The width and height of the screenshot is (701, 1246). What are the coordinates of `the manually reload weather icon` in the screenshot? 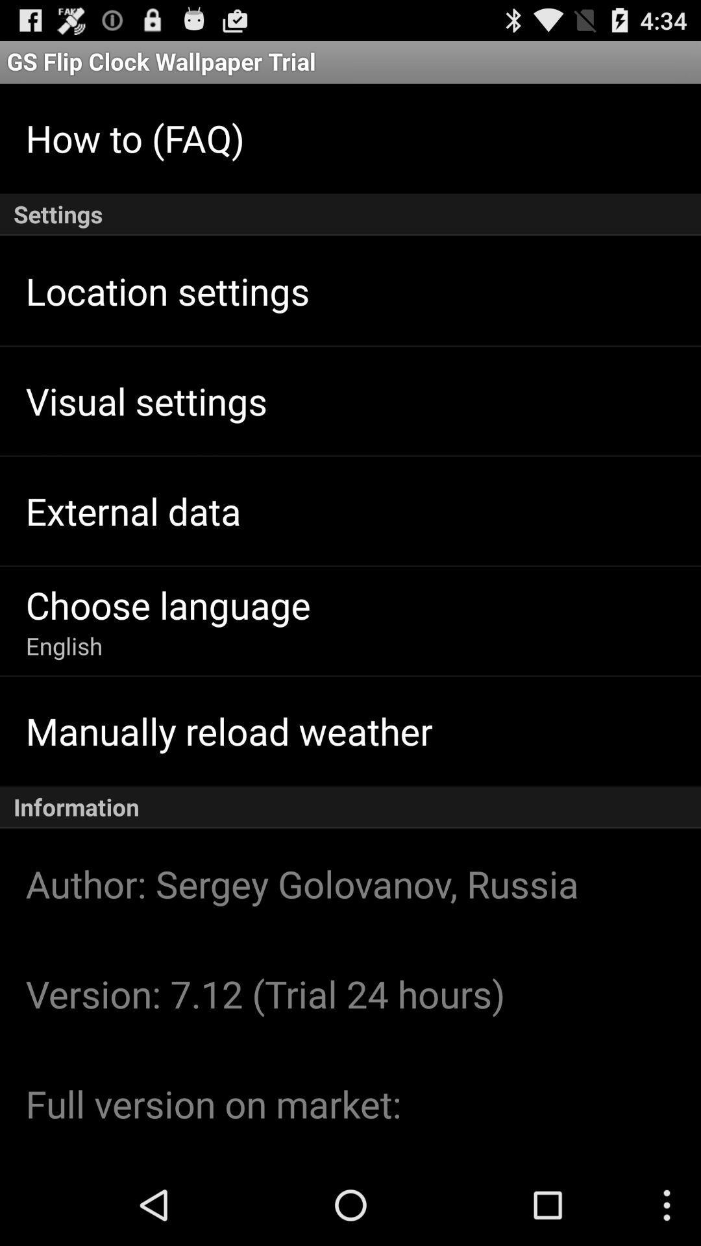 It's located at (228, 731).